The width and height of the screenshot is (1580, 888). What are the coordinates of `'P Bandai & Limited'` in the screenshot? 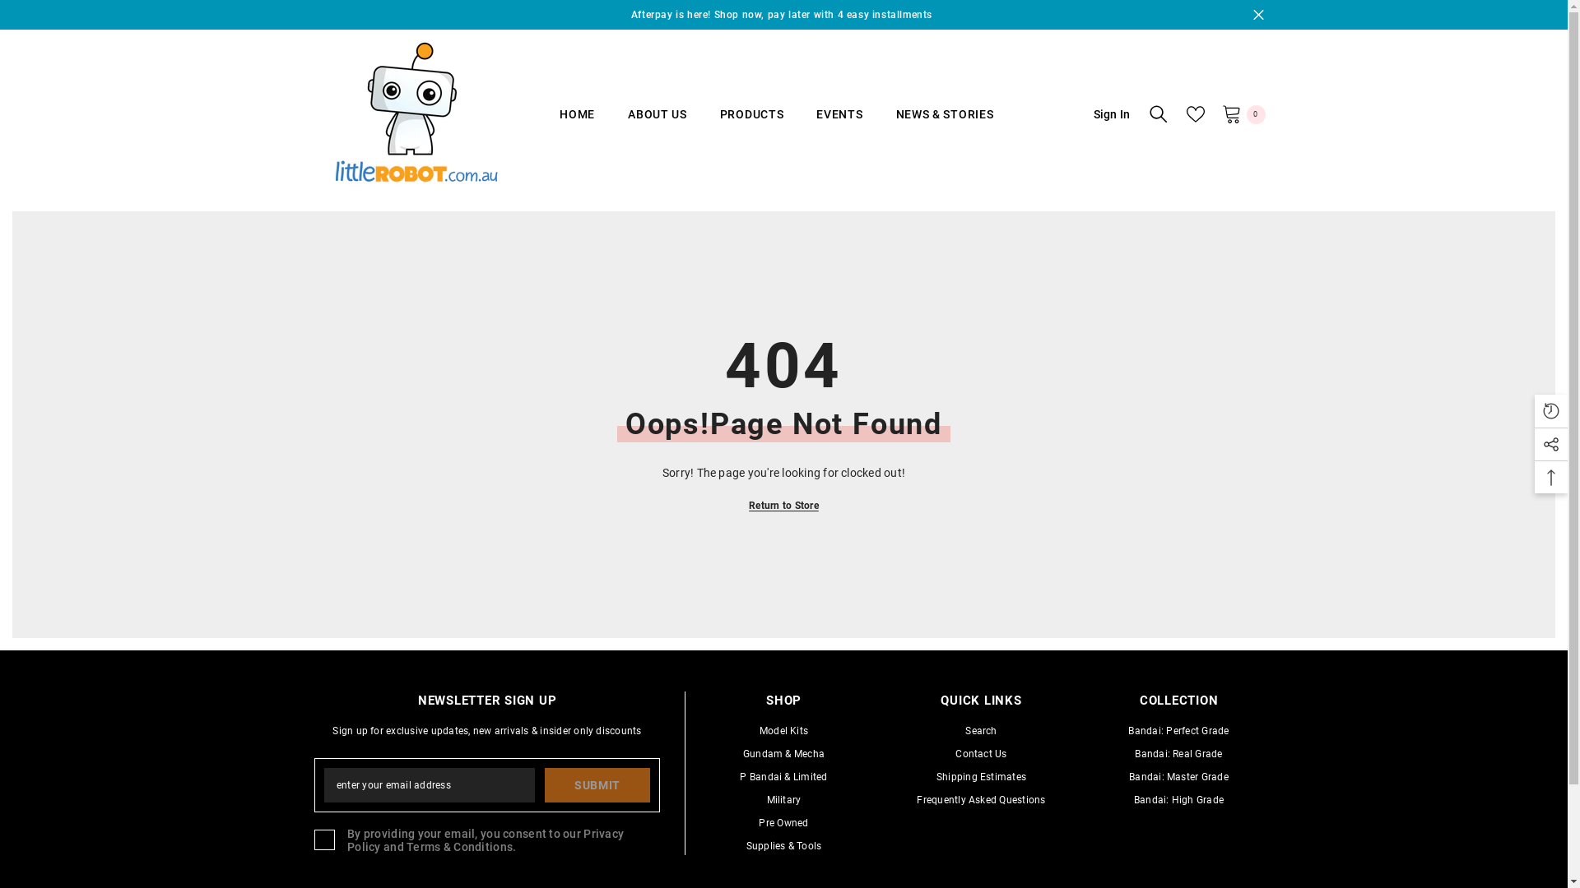 It's located at (782, 777).